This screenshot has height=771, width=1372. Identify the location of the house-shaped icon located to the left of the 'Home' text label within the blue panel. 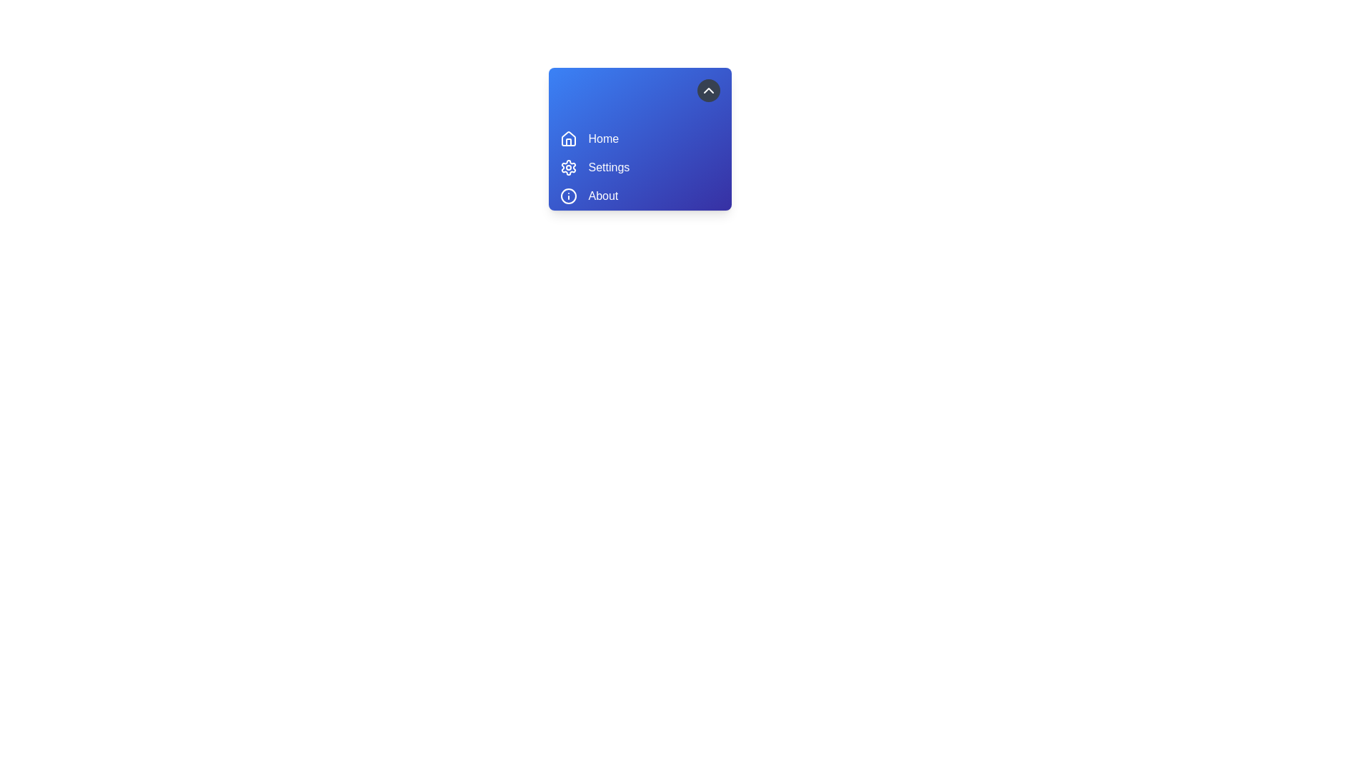
(567, 138).